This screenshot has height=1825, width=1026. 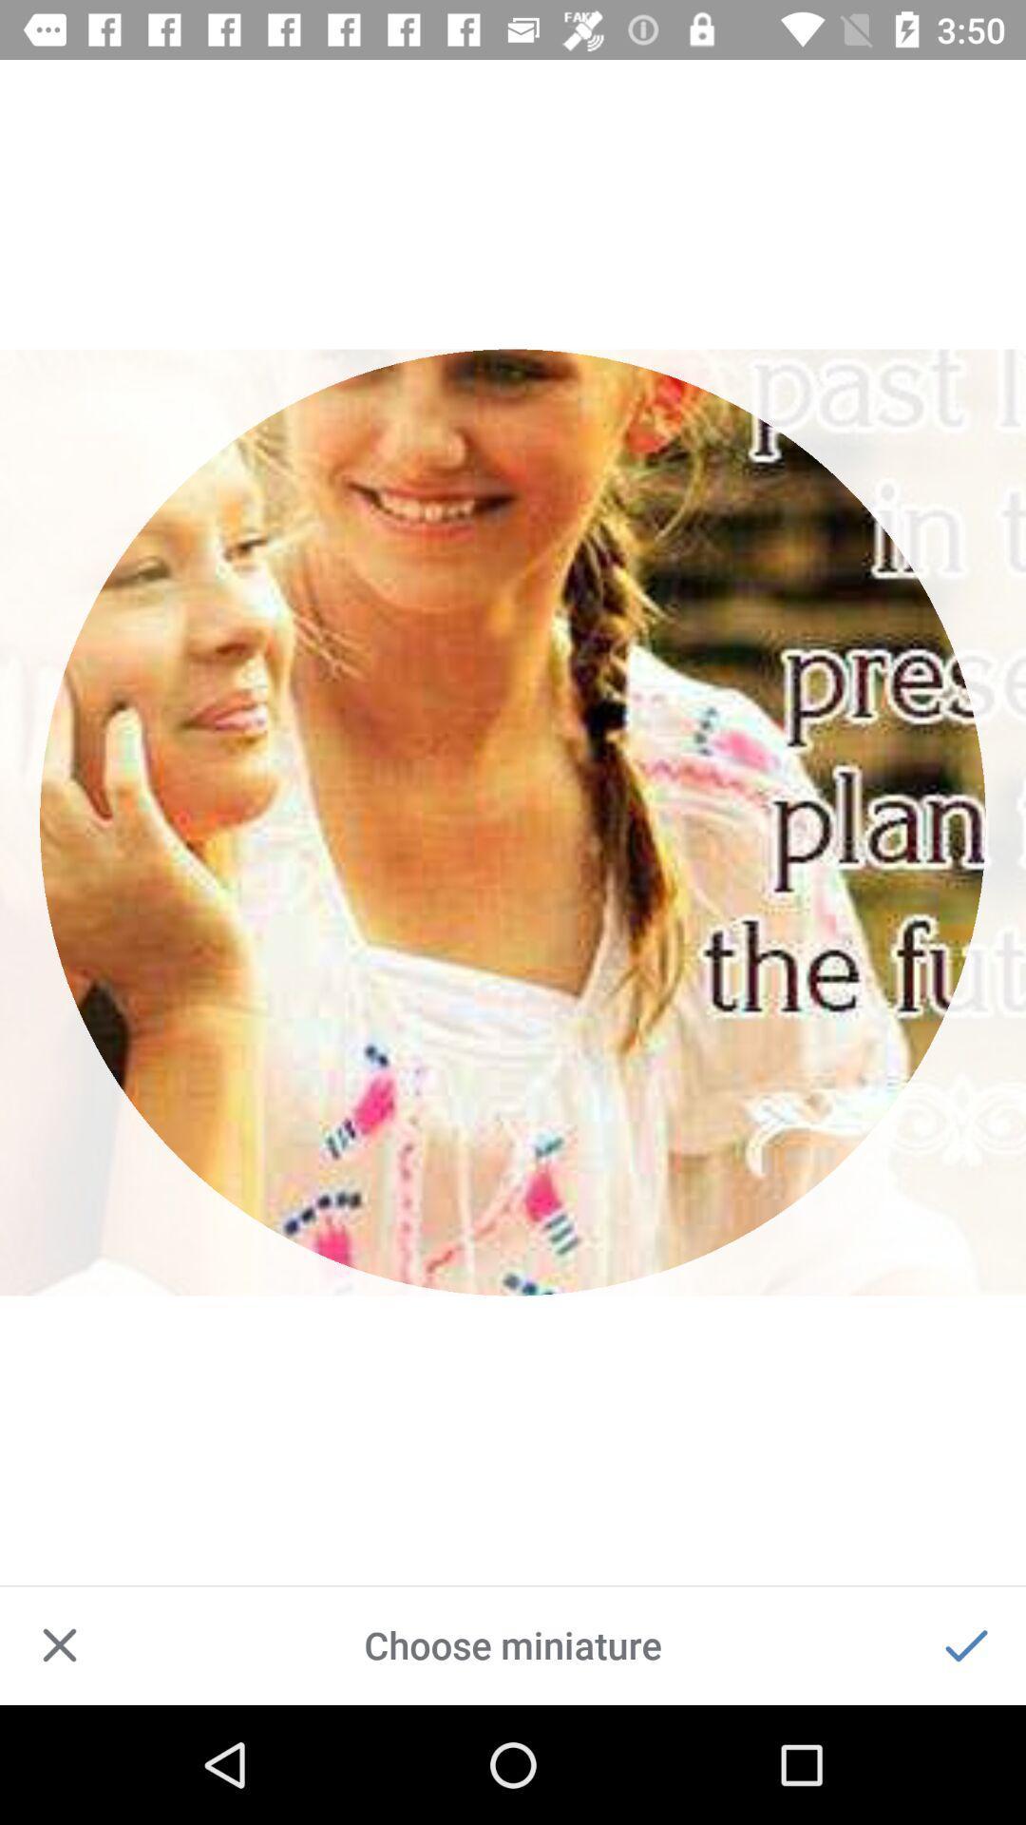 I want to click on icon next to the choose miniature item, so click(x=58, y=1644).